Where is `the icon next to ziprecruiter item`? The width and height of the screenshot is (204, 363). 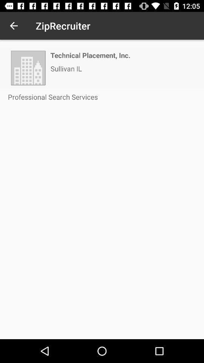 the icon next to ziprecruiter item is located at coordinates (14, 26).